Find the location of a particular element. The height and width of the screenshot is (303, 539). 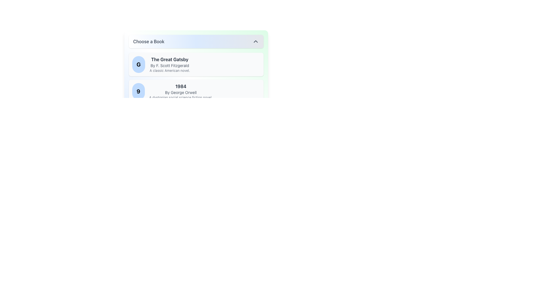

text content displaying the author of the book, which is located below the title 'The Great Gatsby' and above the description 'A classic American novel.' is located at coordinates (169, 65).